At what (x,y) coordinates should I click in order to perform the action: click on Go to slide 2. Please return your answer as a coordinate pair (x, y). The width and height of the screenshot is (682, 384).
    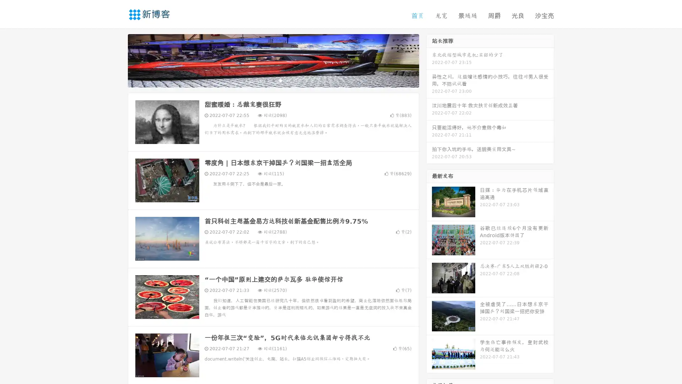
    Looking at the image, I should click on (273, 80).